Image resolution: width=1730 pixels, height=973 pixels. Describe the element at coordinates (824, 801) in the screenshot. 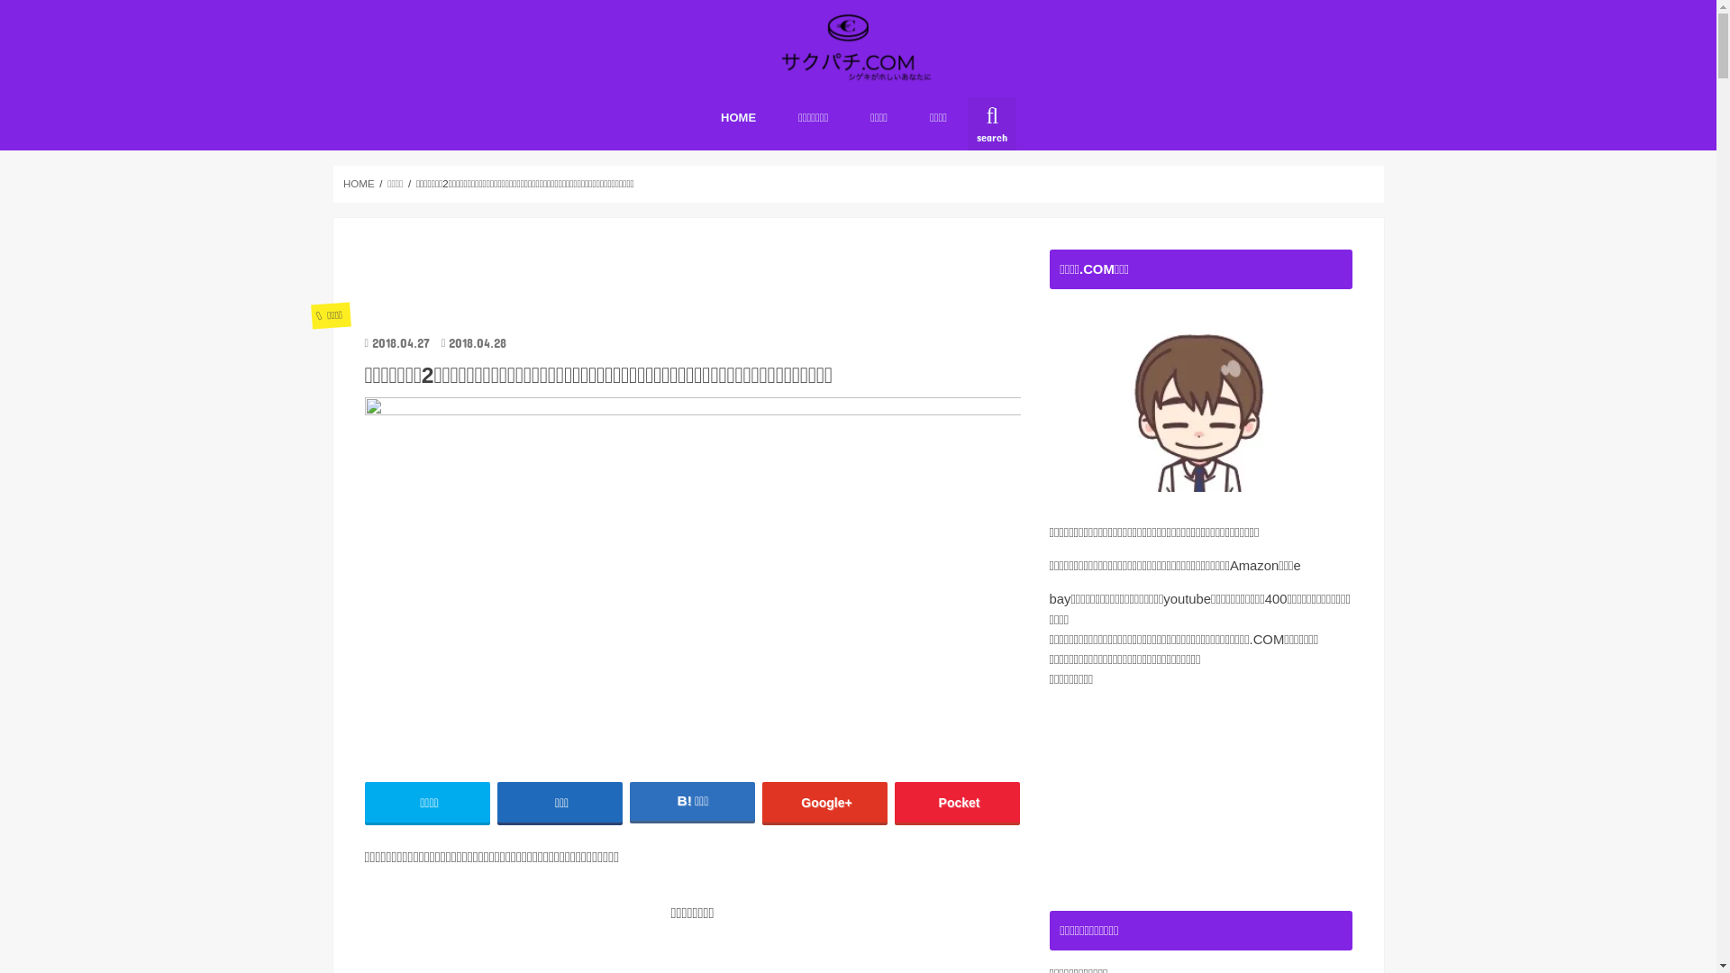

I see `'Google+'` at that location.